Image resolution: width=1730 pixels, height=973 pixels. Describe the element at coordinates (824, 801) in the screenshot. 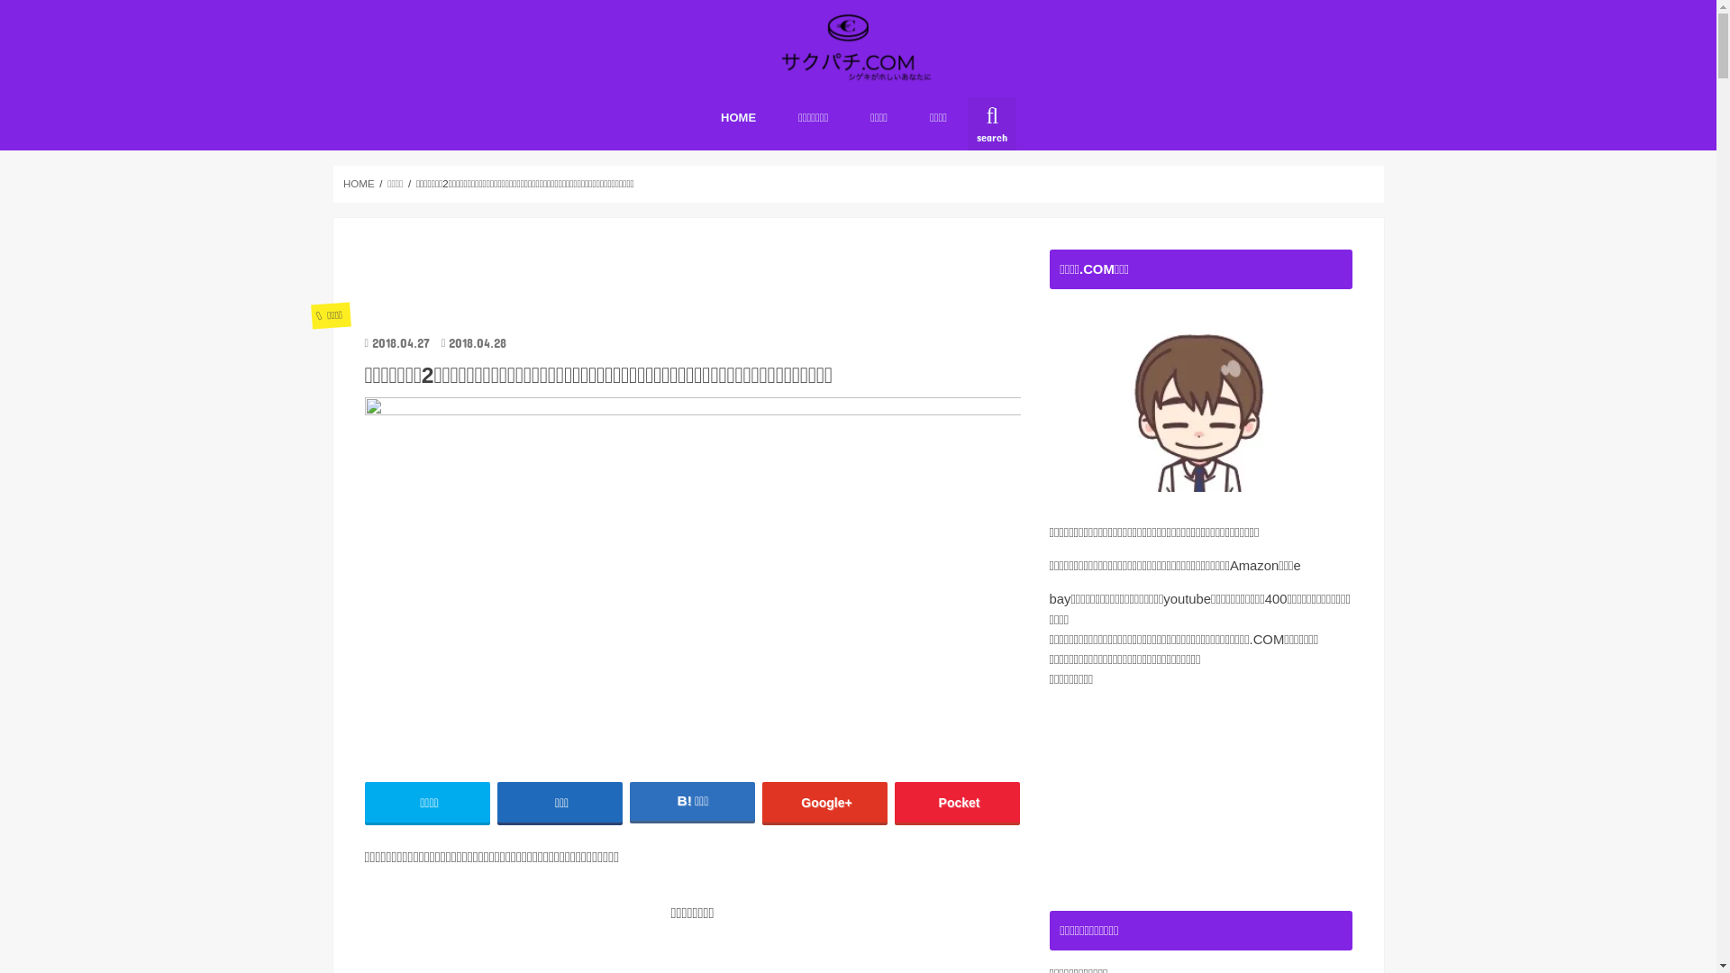

I see `'Google+'` at that location.